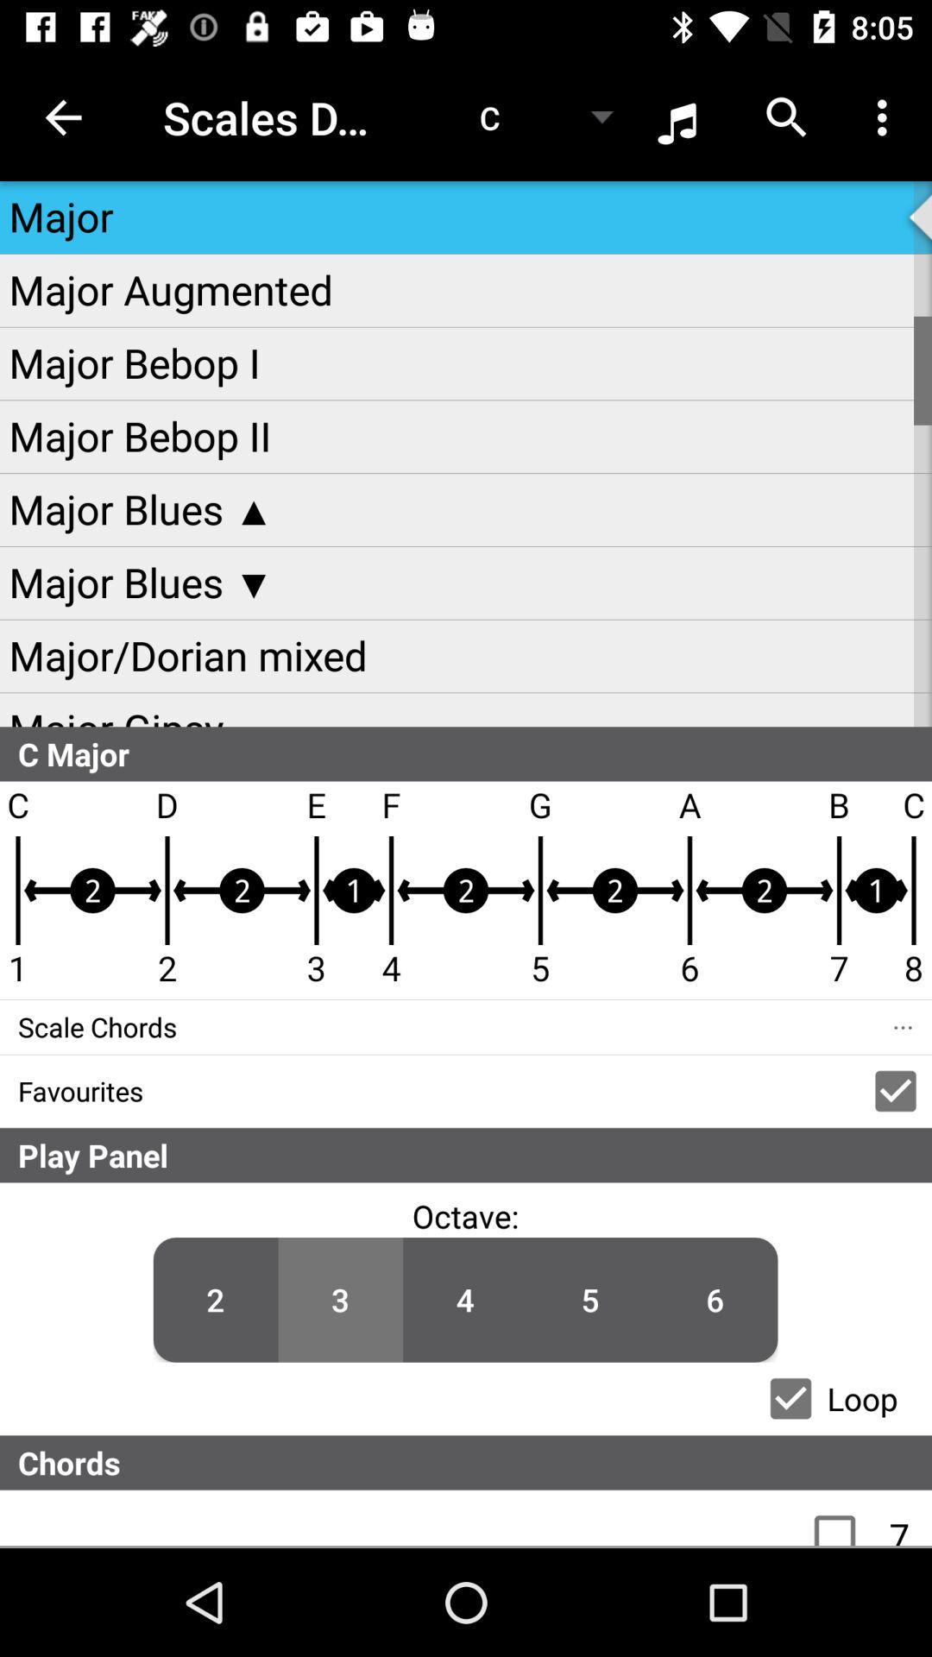  Describe the element at coordinates (843, 1517) in the screenshot. I see `menu` at that location.